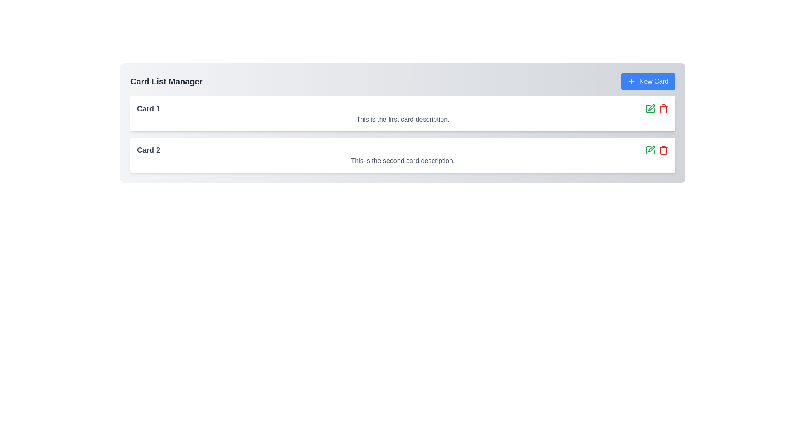 The height and width of the screenshot is (447, 795). Describe the element at coordinates (166, 81) in the screenshot. I see `the text header labeled 'Card List Manager' which is styled with a bold font and located at the top-left of the displayed content` at that location.